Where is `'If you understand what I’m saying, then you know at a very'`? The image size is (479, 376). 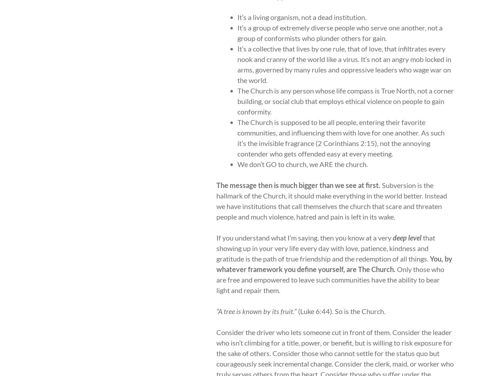 'If you understand what I’m saying, then you know at a very' is located at coordinates (216, 237).